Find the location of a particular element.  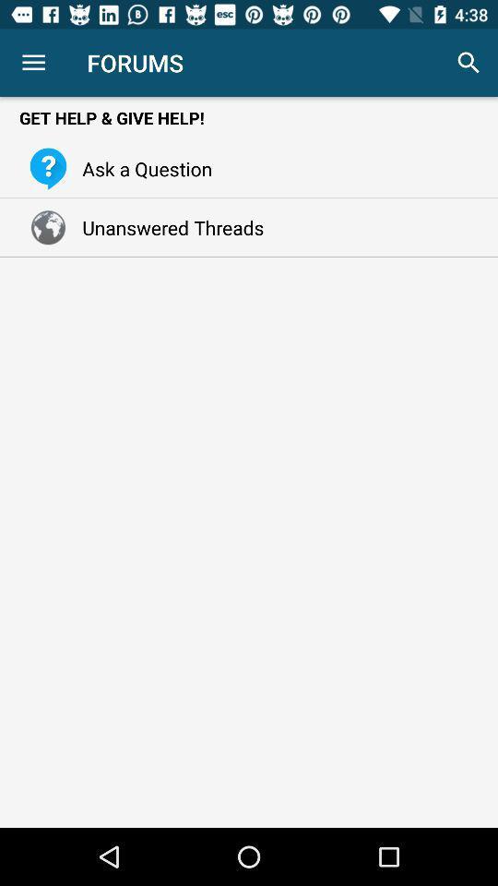

item to the left of the forums icon is located at coordinates (33, 63).